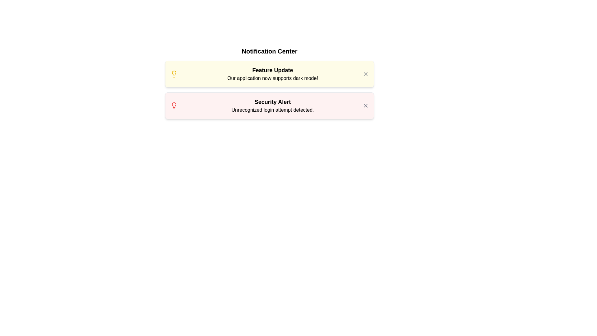  I want to click on the non-interactive notification display located beneath the 'Notification Center' header, so click(273, 74).